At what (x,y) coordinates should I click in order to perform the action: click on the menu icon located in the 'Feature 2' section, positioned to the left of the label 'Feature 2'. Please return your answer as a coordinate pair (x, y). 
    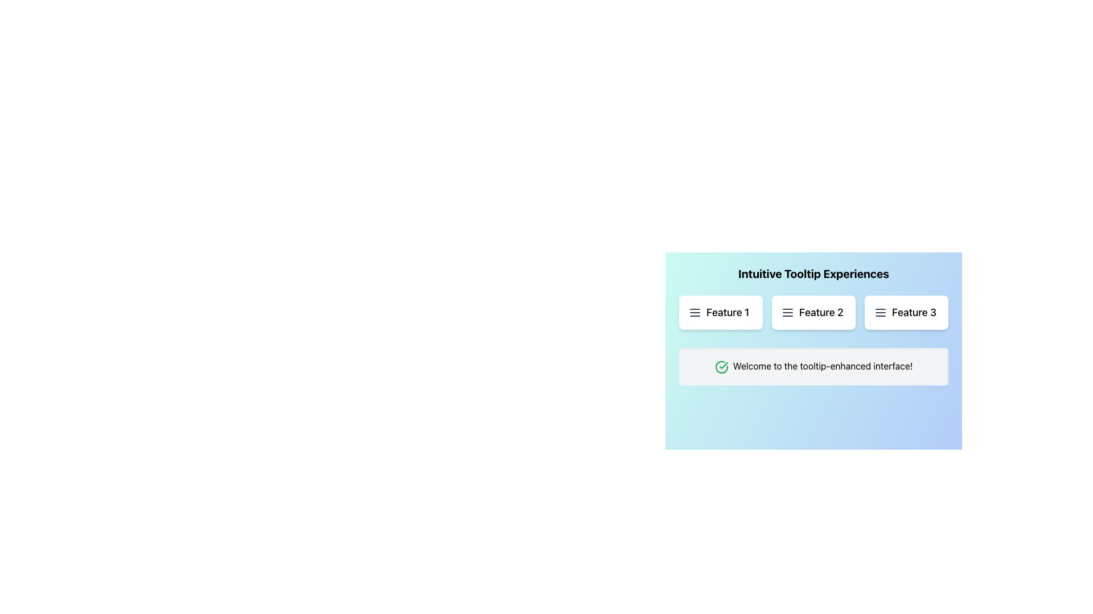
    Looking at the image, I should click on (787, 313).